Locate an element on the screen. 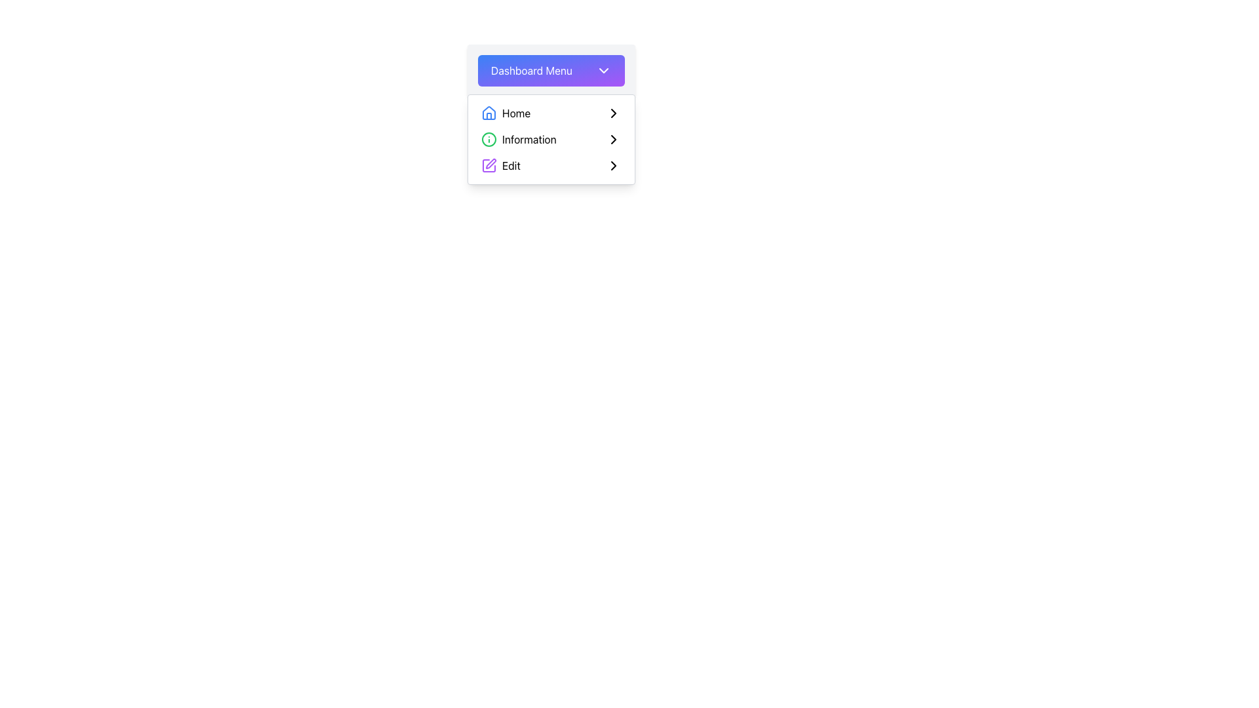 Image resolution: width=1259 pixels, height=708 pixels. the home icon in the menu section that precedes the 'Home' label, which is the first item in the menu list is located at coordinates (488, 112).